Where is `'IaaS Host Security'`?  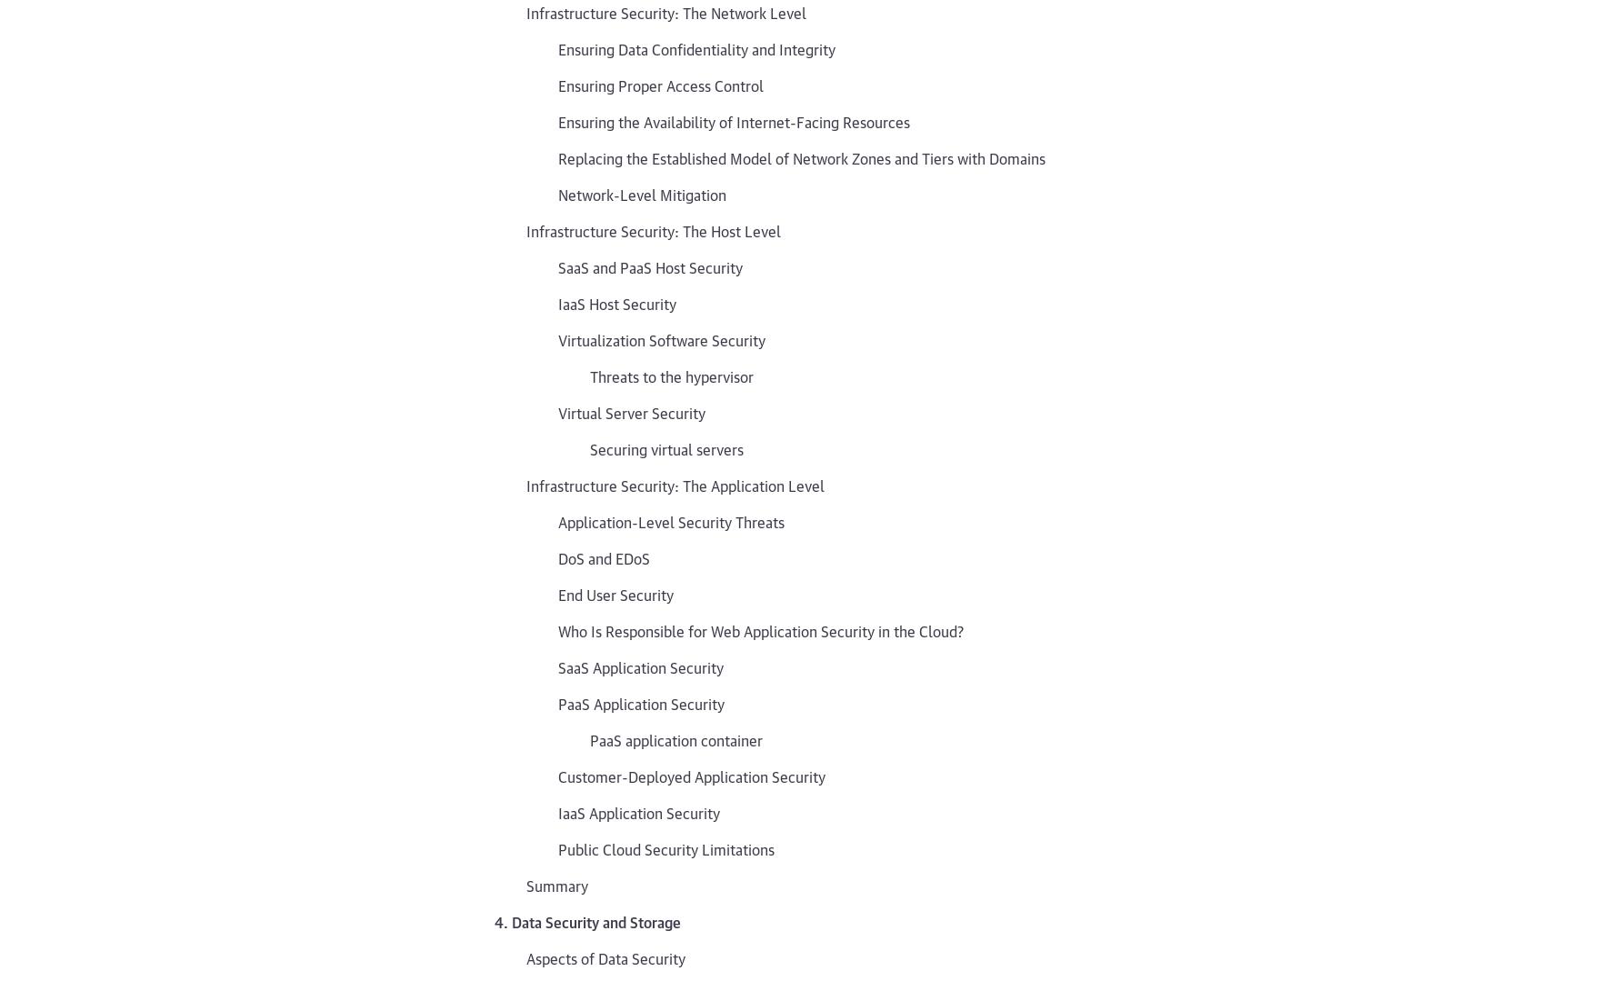 'IaaS Host Security' is located at coordinates (558, 302).